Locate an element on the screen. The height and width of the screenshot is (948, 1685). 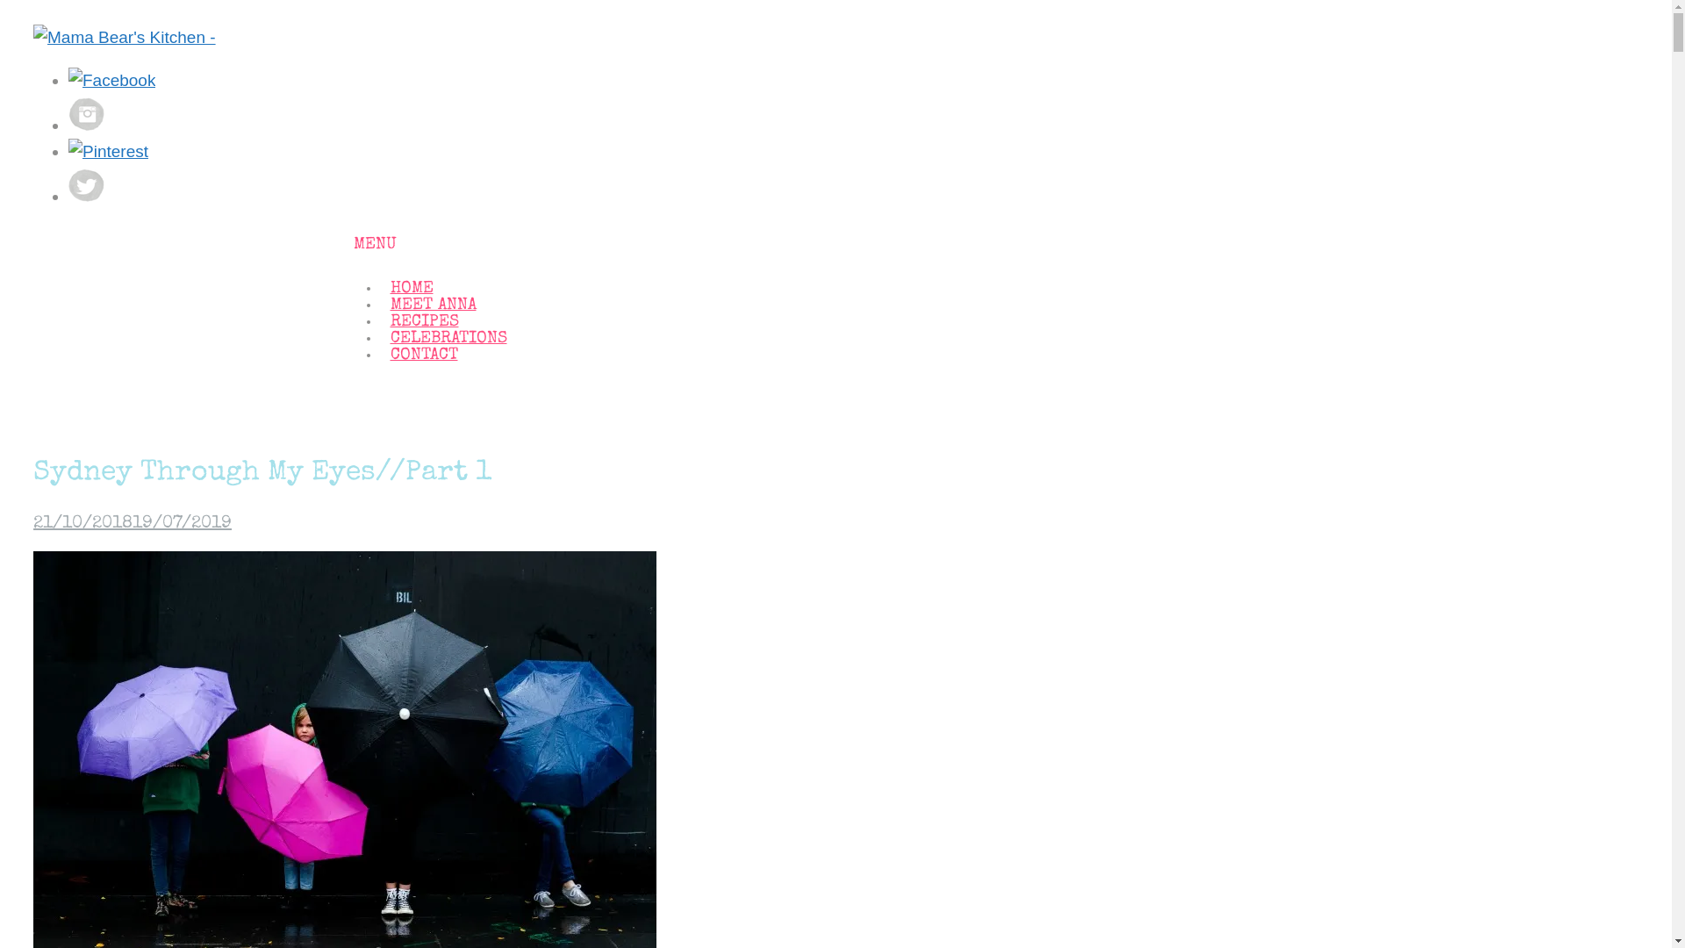
'CELEBRATIONS' is located at coordinates (448, 339).